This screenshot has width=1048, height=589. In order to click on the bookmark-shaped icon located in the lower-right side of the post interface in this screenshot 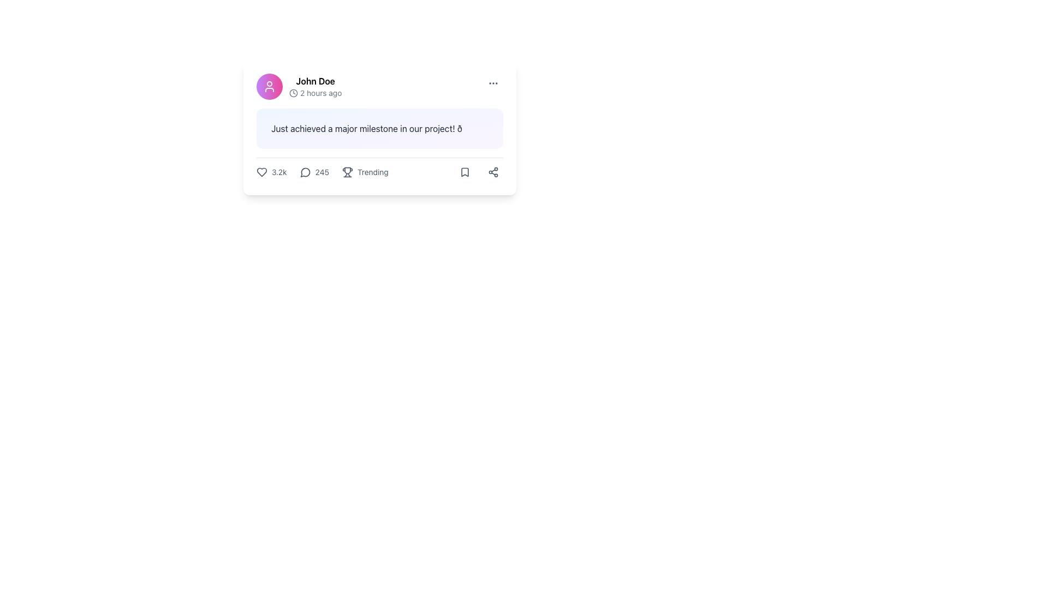, I will do `click(465, 172)`.